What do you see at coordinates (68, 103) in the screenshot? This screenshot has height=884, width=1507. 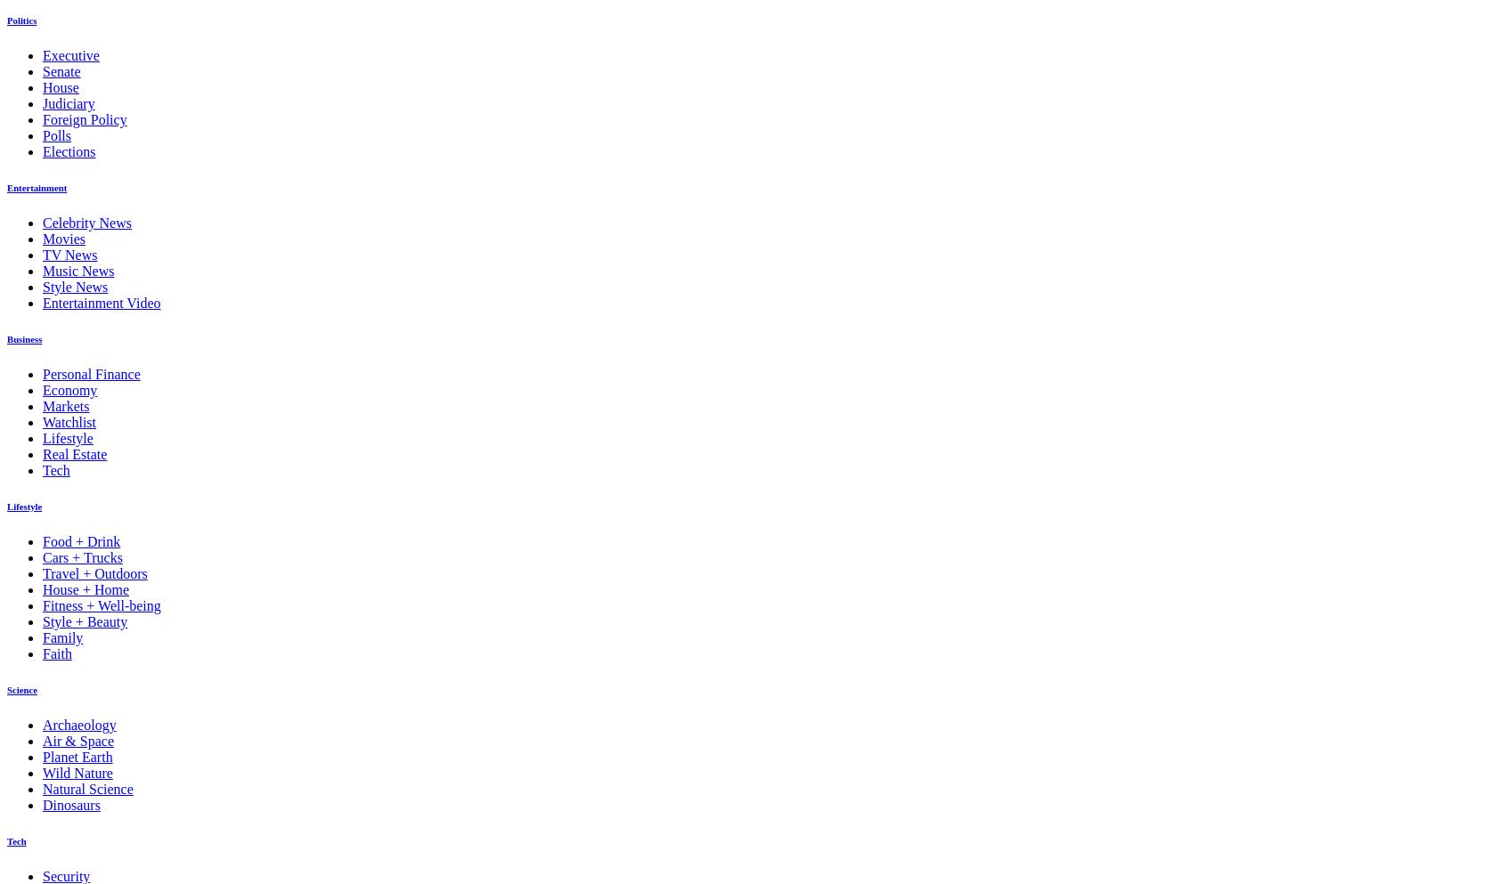 I see `'Judiciary'` at bounding box center [68, 103].